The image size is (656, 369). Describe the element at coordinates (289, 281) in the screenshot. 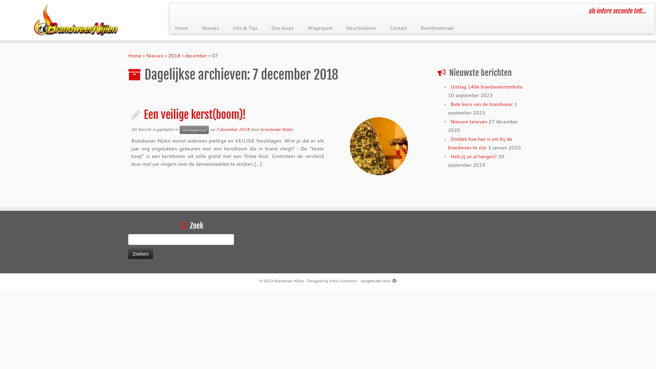

I see `'Brandweer Nijlen'` at that location.